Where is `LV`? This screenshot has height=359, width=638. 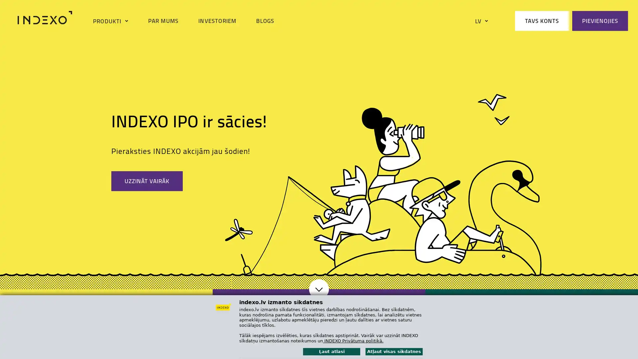 LV is located at coordinates (481, 21).